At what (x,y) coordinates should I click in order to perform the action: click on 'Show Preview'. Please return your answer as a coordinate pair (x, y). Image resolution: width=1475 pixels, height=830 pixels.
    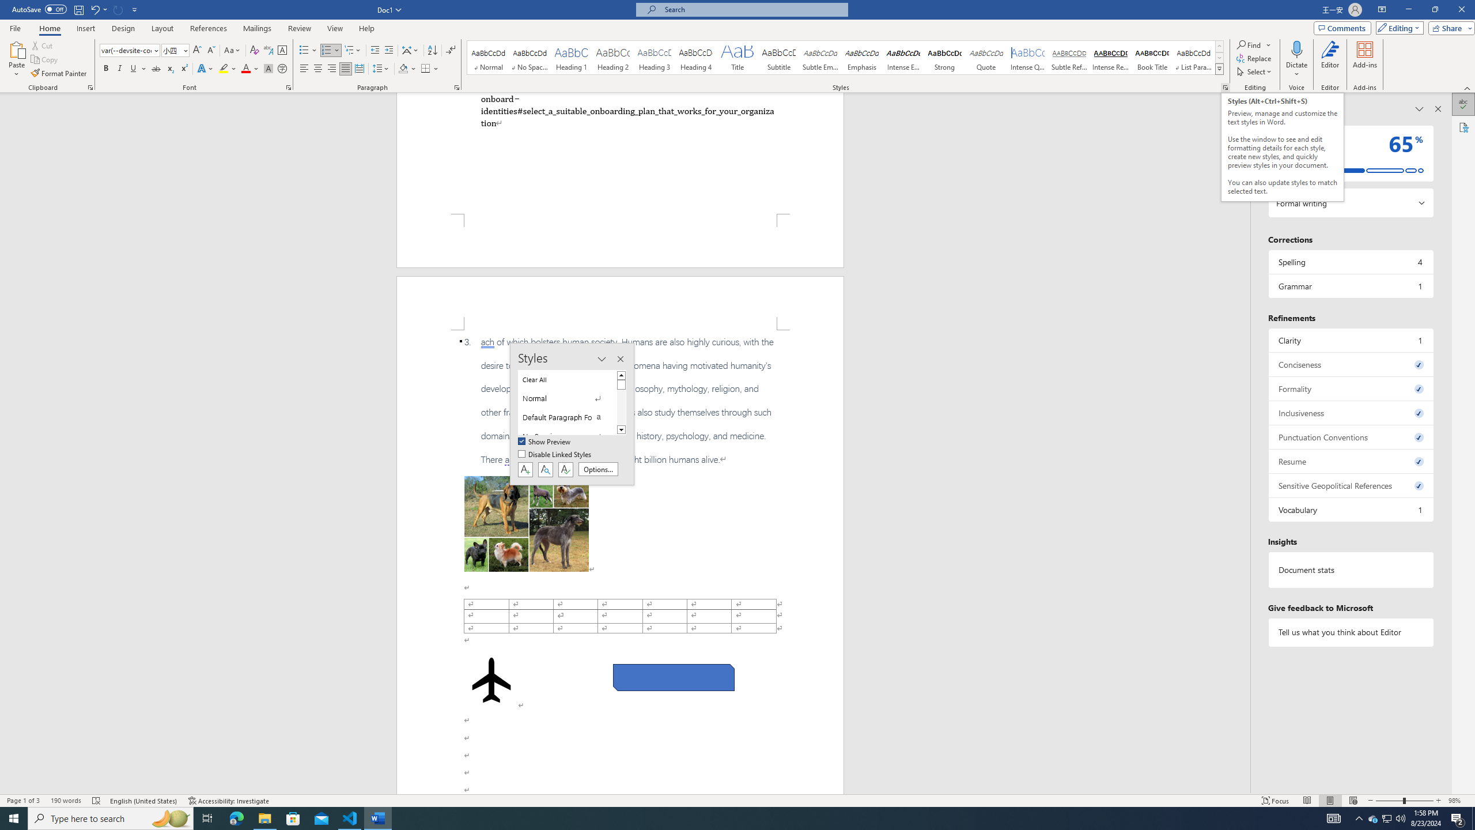
    Looking at the image, I should click on (544, 442).